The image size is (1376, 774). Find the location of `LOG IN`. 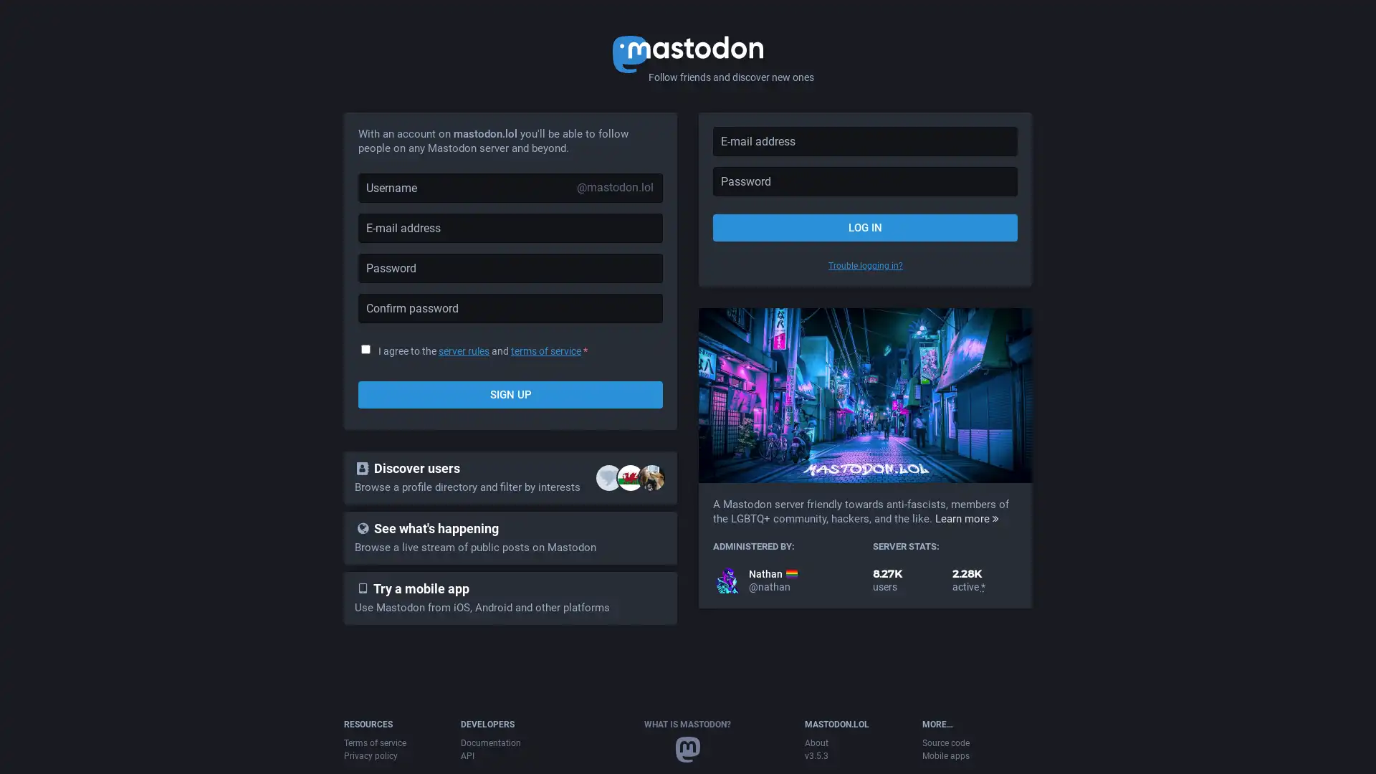

LOG IN is located at coordinates (864, 226).